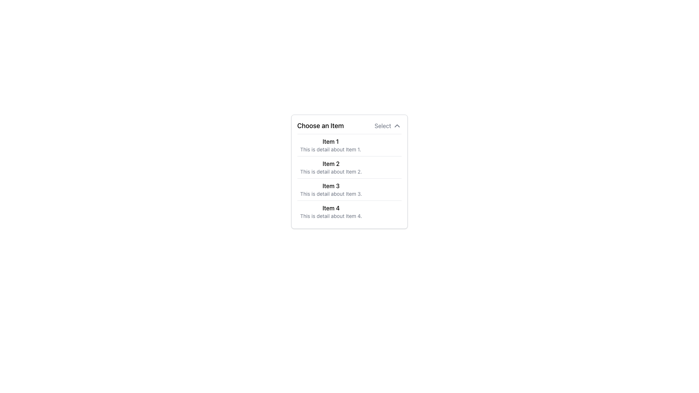 The height and width of the screenshot is (393, 699). Describe the element at coordinates (331, 189) in the screenshot. I see `the third list item titled 'Item 3' which contains a detailed description about it, positioned between 'Item 2' and 'Item 4'` at that location.